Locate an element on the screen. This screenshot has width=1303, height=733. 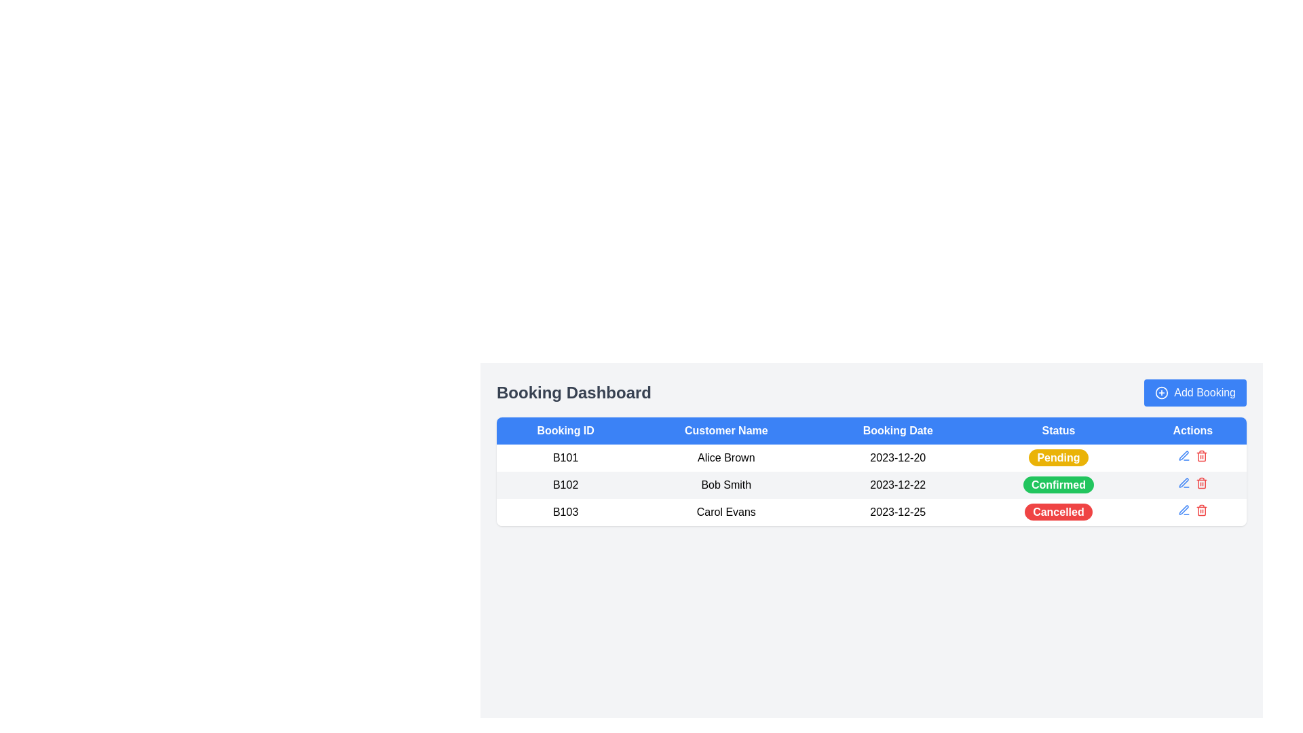
the text 'Alice Brown' in the Data Table Cell located in the 'Customer Name' column of the row labeled B101 is located at coordinates (725, 458).